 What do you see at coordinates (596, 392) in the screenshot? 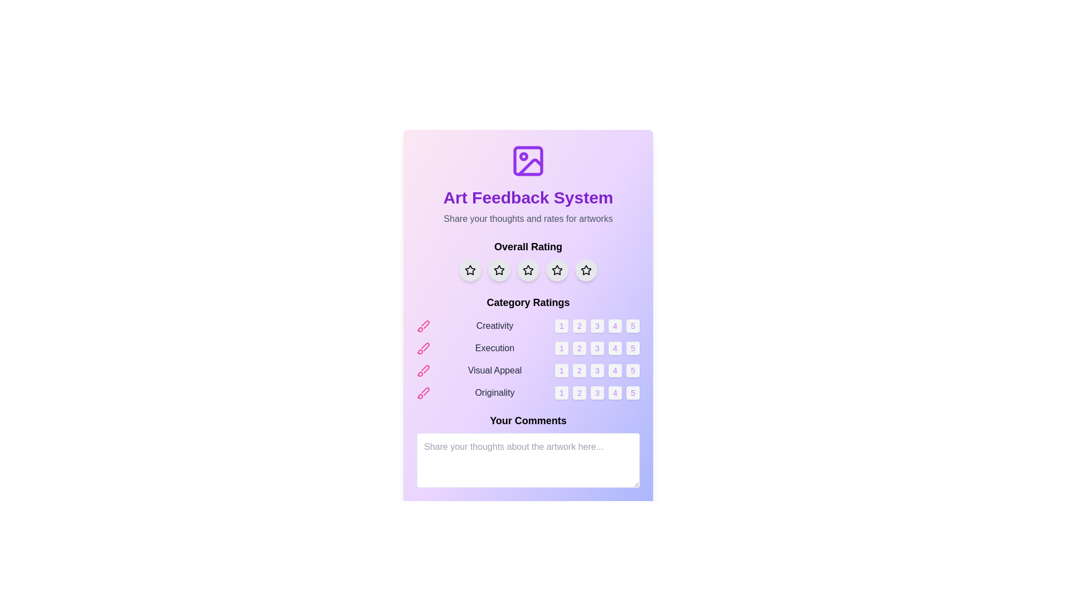
I see `the circular button labeled '3' with a purple numeral` at bounding box center [596, 392].